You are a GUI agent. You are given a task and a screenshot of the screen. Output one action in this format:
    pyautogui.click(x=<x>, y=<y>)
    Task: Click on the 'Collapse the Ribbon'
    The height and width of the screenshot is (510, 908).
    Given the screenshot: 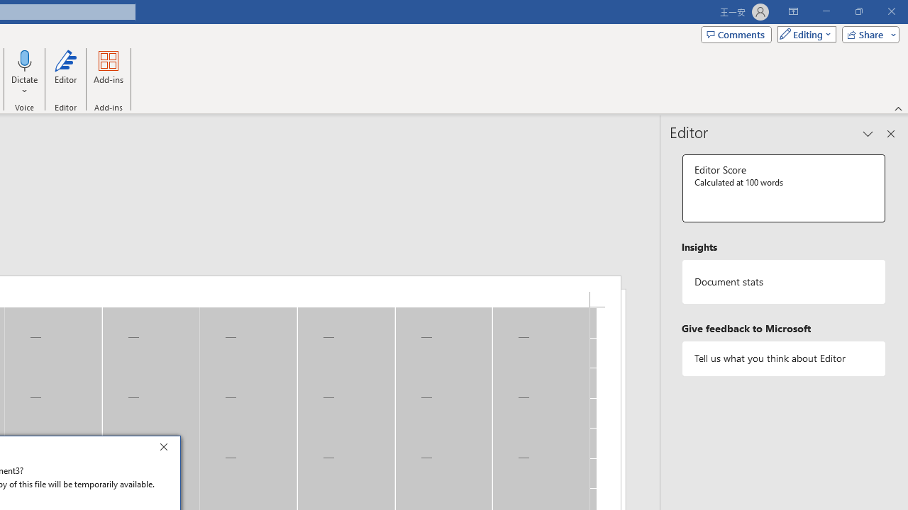 What is the action you would take?
    pyautogui.click(x=898, y=108)
    